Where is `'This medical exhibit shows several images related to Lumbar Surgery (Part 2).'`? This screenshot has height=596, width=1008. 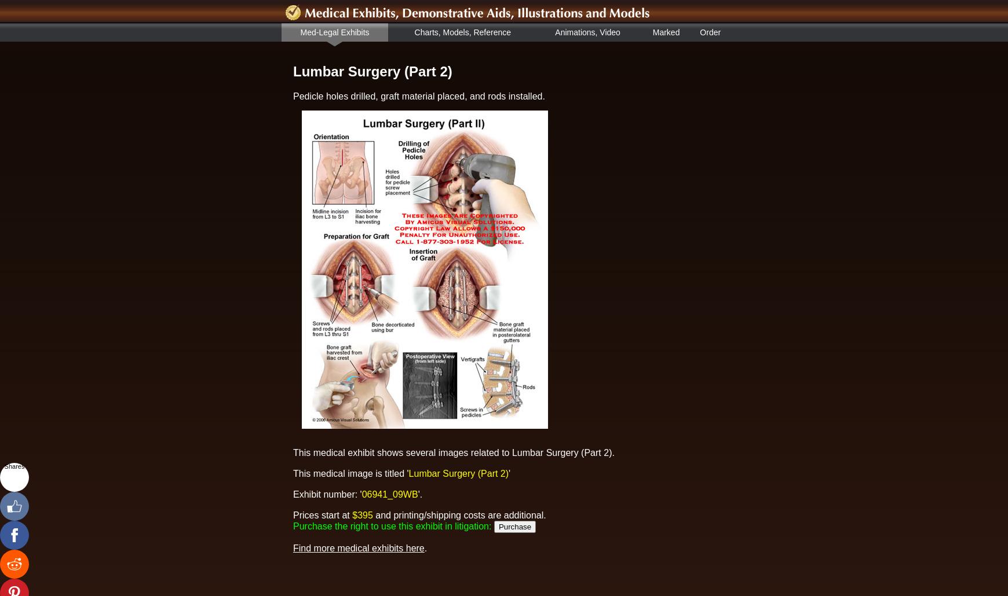
'This medical exhibit shows several images related to Lumbar Surgery (Part 2).' is located at coordinates (454, 451).